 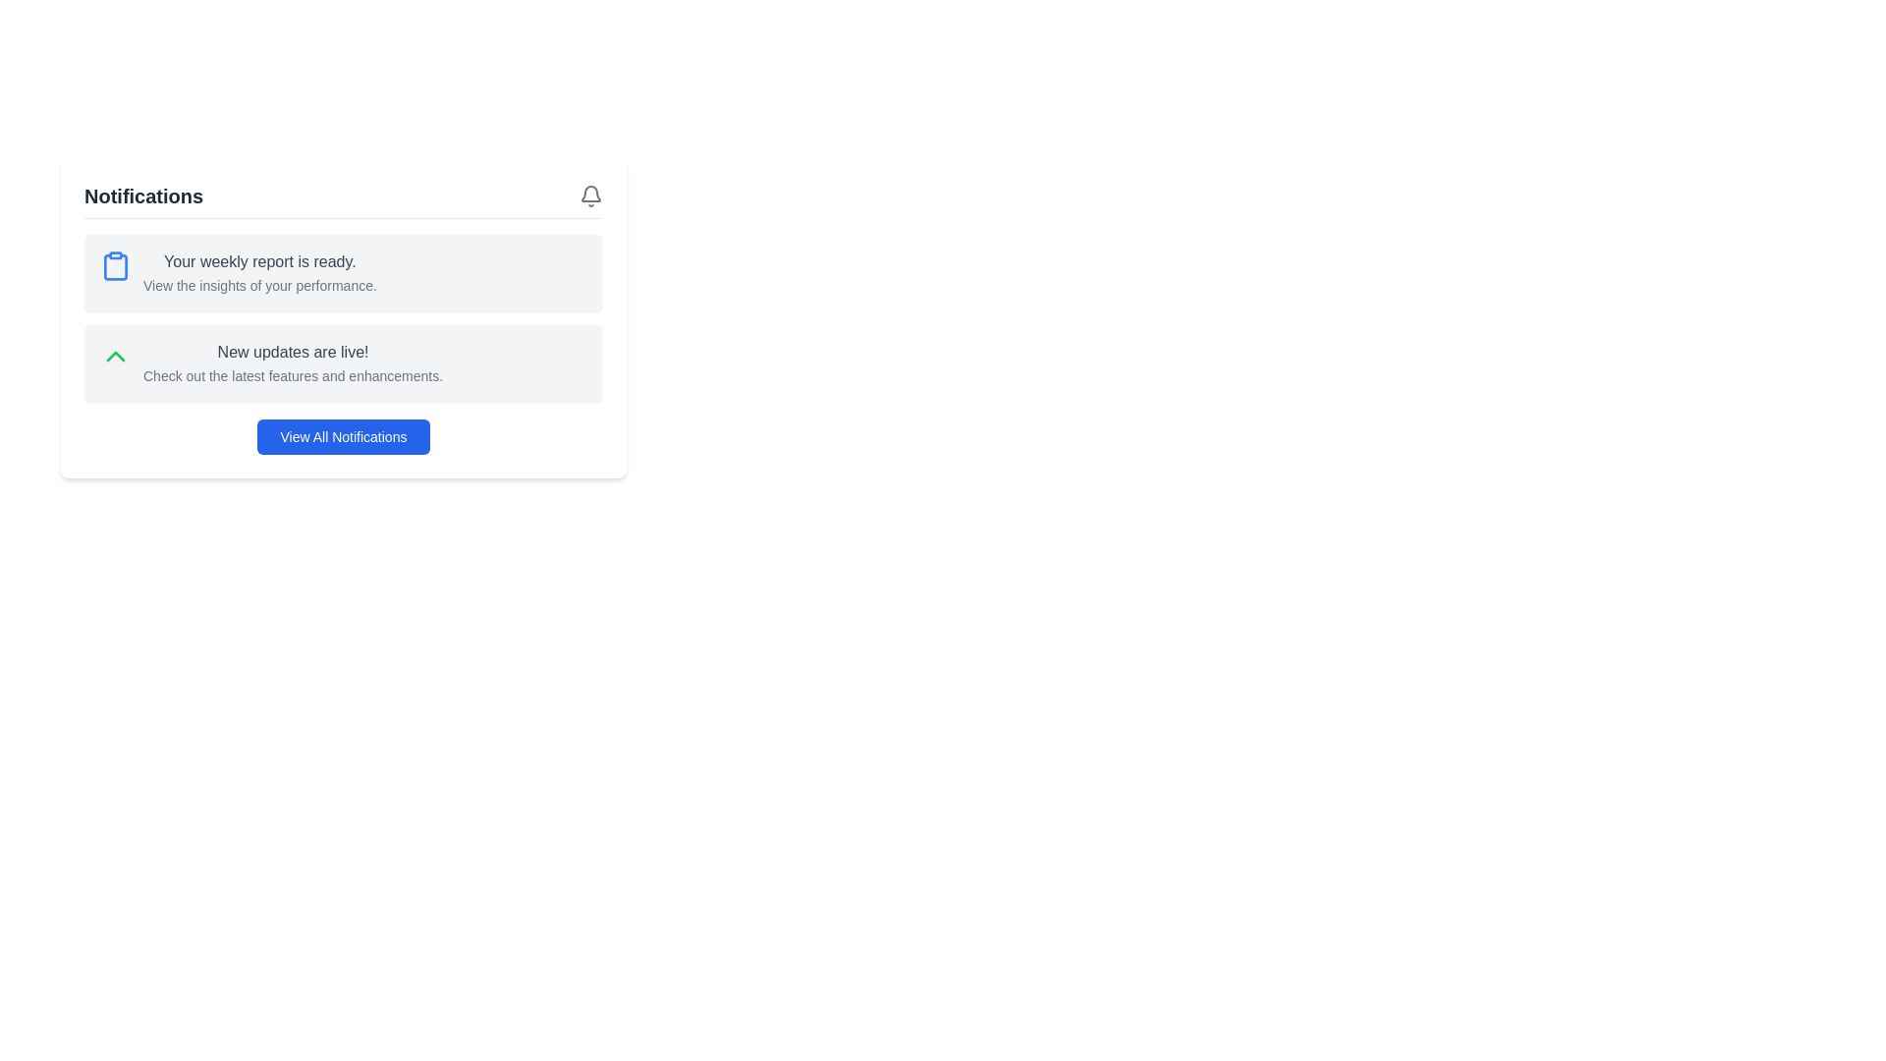 What do you see at coordinates (292, 363) in the screenshot?
I see `the informational text label displaying 'New updates are live!' and 'Check out the latest features and enhancements.' located beneath the upward green arrow icon within a notification card` at bounding box center [292, 363].